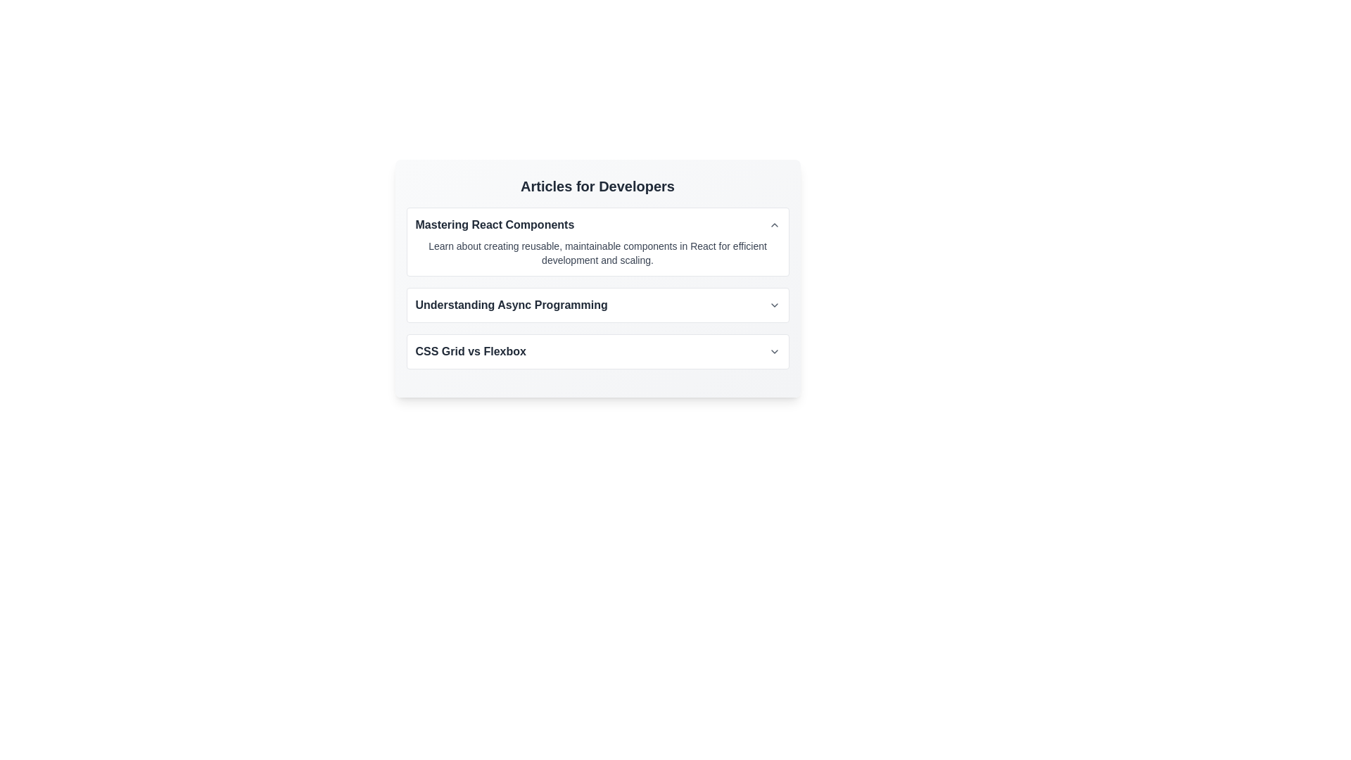 Image resolution: width=1351 pixels, height=760 pixels. I want to click on on the collapsible section header labeled 'Understanding Async Programming', so click(597, 305).